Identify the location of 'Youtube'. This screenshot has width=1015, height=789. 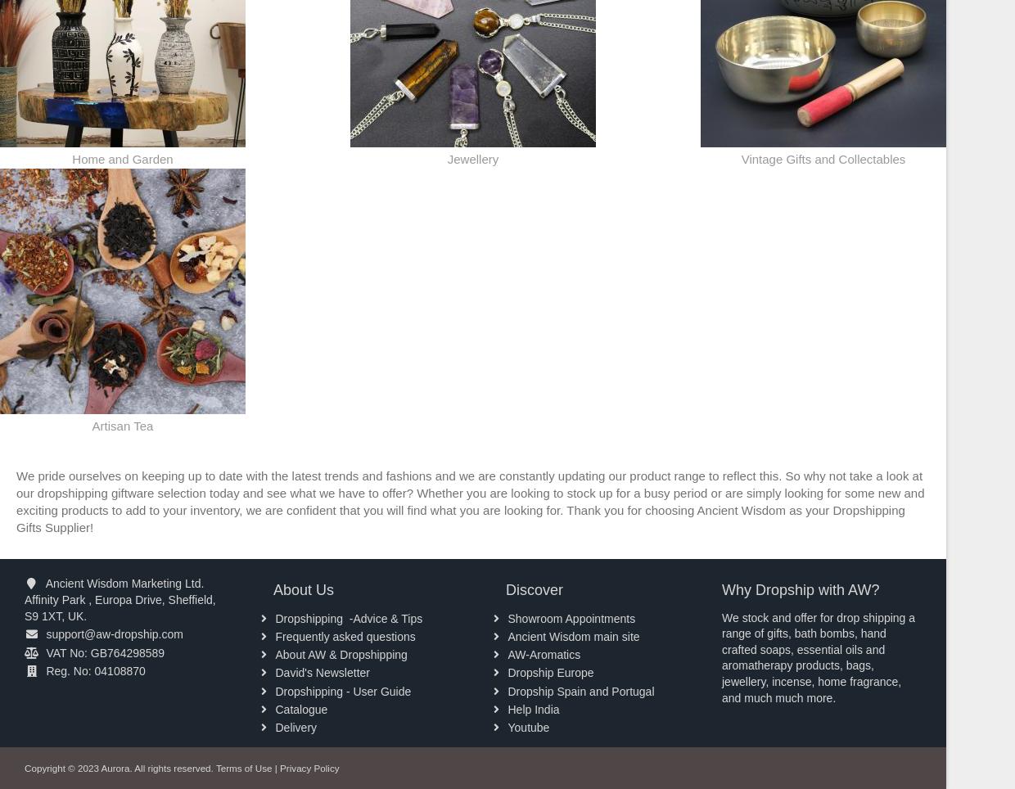
(527, 727).